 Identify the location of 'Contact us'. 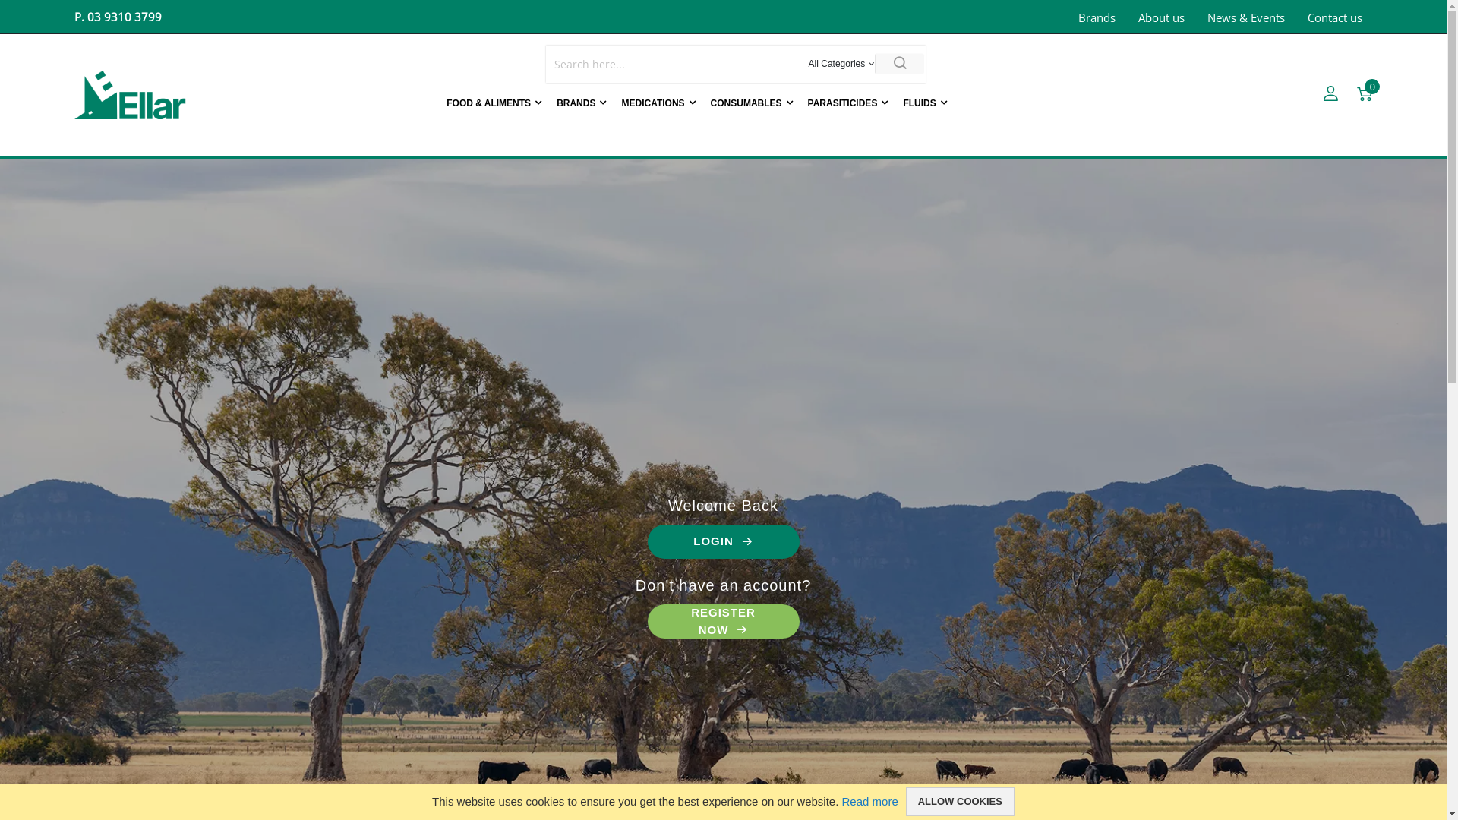
(1333, 17).